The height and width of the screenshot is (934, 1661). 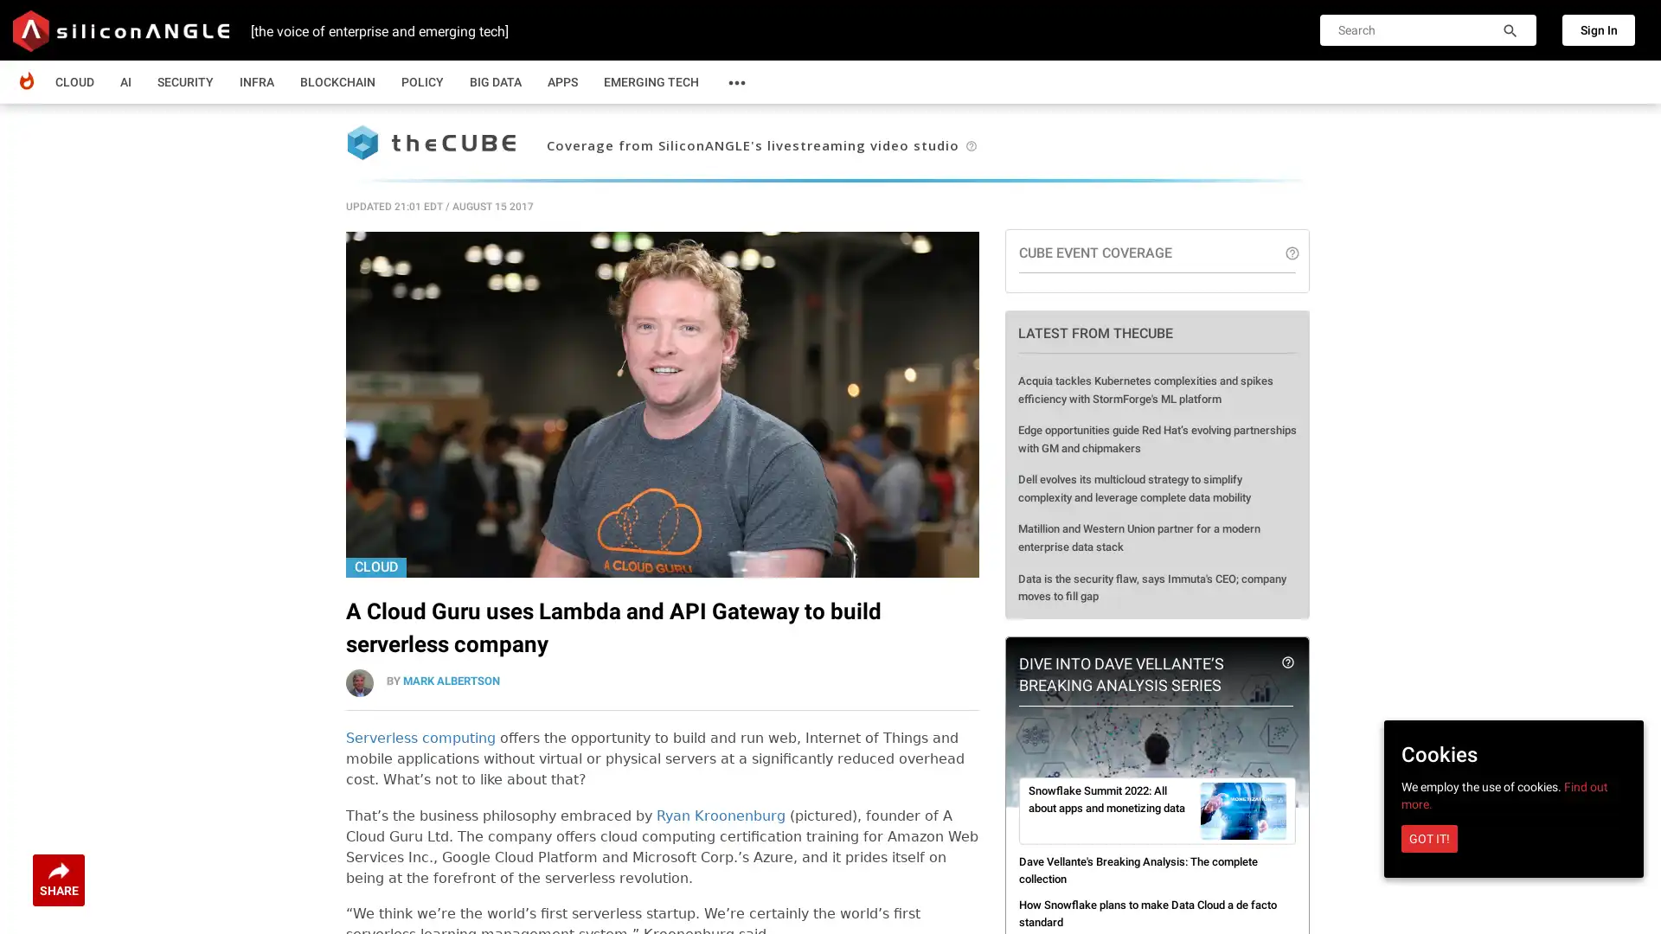 What do you see at coordinates (58, 880) in the screenshot?
I see `SHARE` at bounding box center [58, 880].